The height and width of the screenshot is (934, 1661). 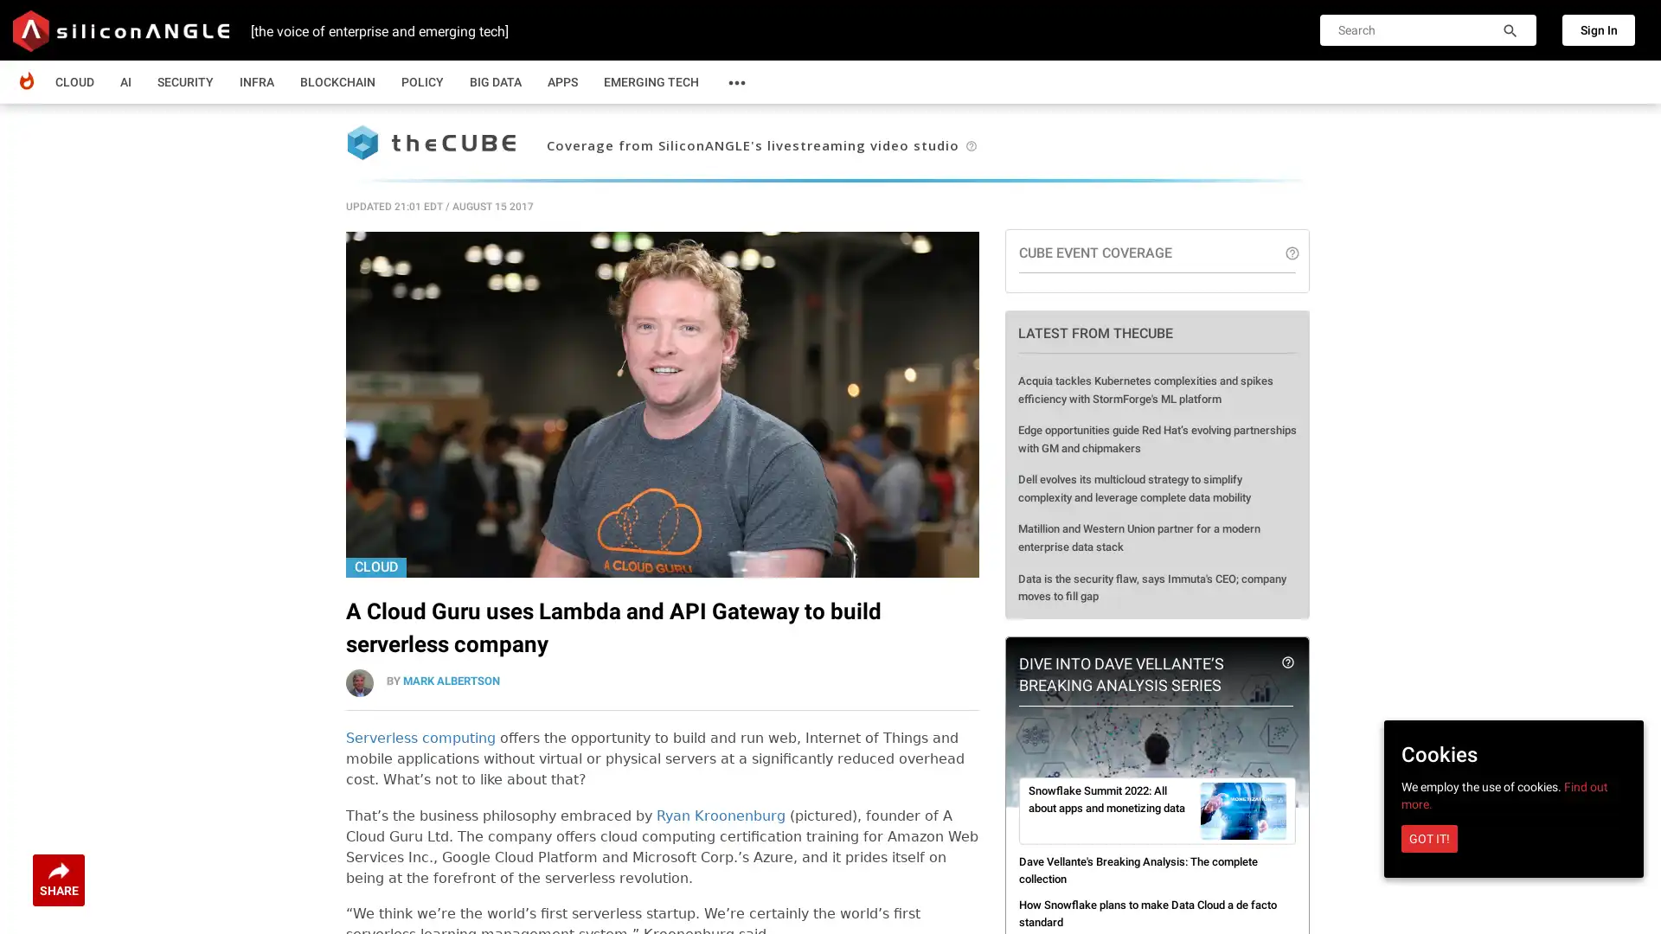 What do you see at coordinates (58, 880) in the screenshot?
I see `SHARE` at bounding box center [58, 880].